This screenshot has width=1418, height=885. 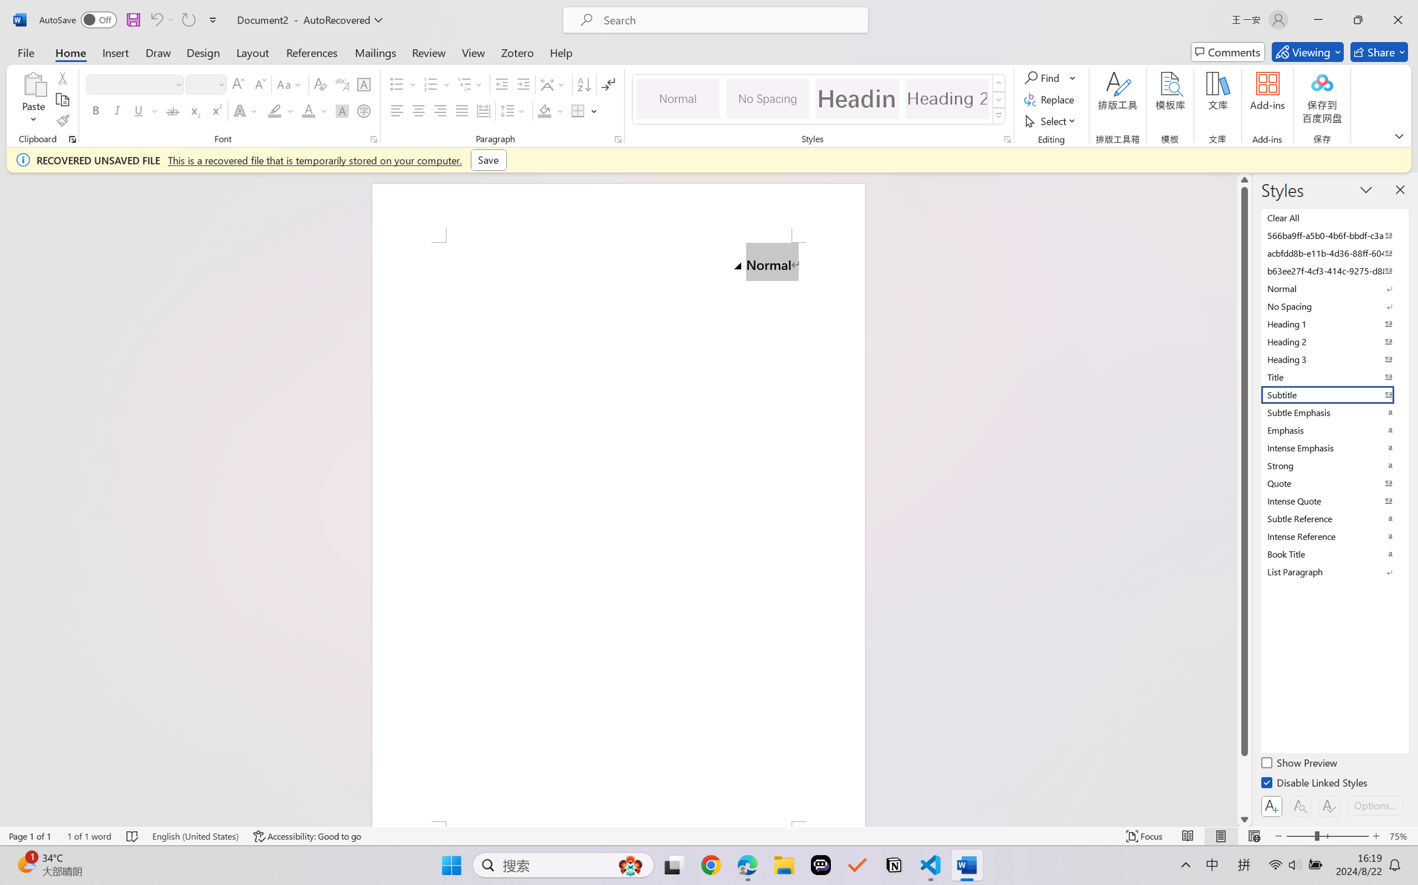 What do you see at coordinates (309, 110) in the screenshot?
I see `'Font Color RGB(255, 0, 0)'` at bounding box center [309, 110].